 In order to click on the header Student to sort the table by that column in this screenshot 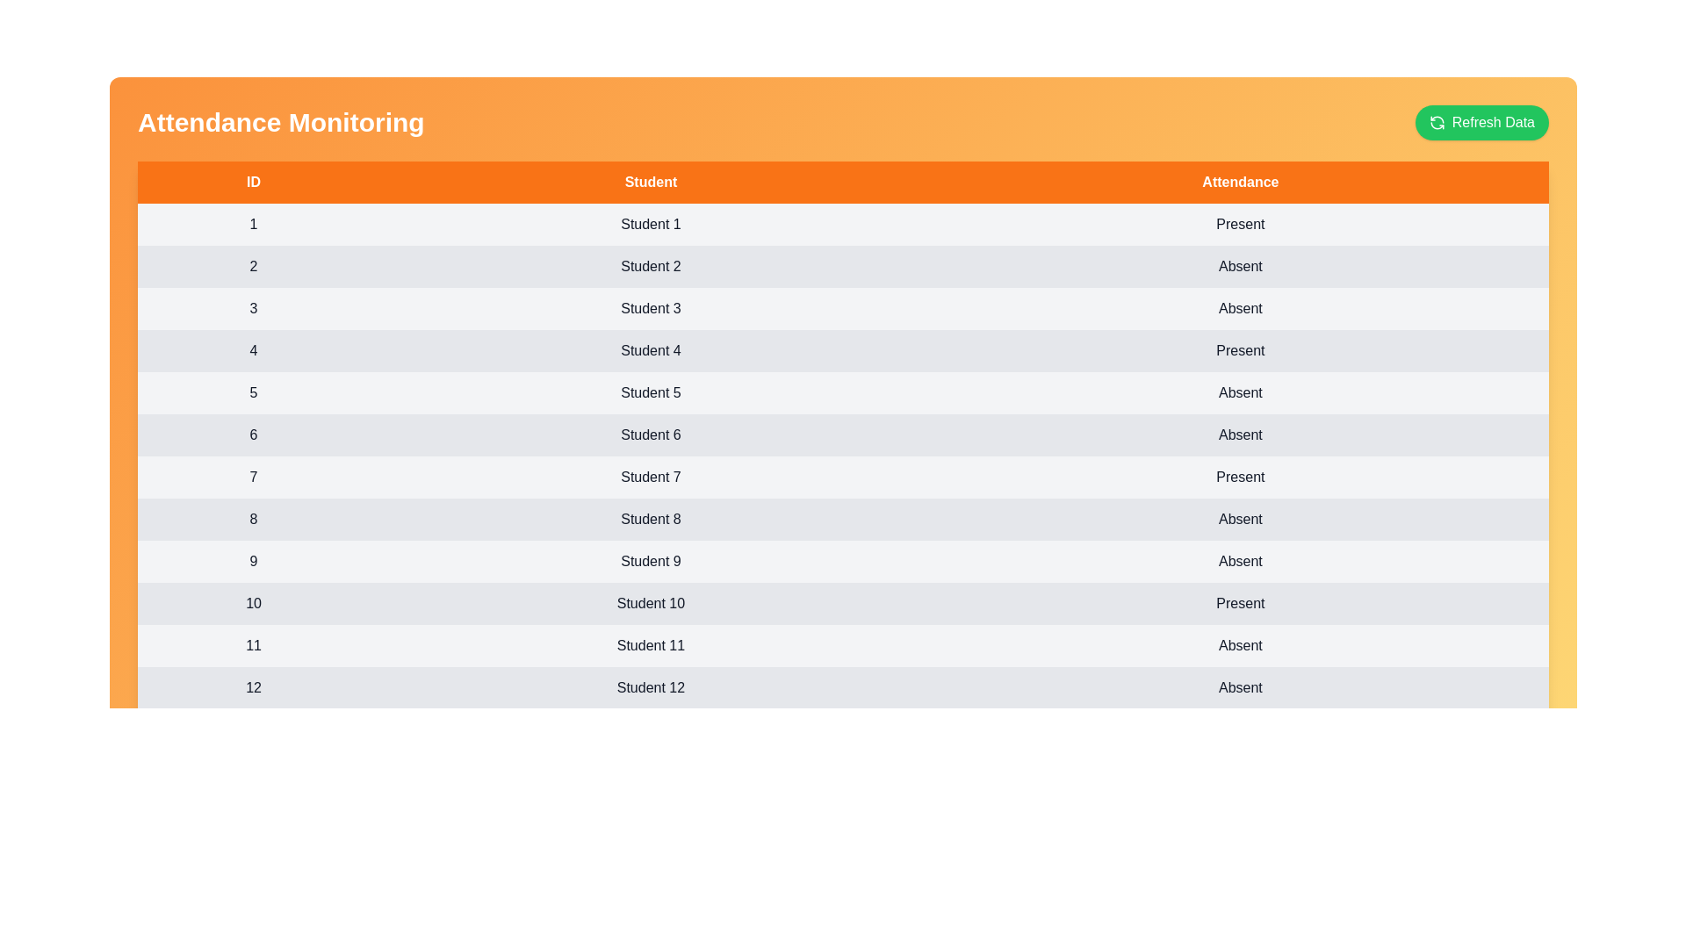, I will do `click(649, 183)`.